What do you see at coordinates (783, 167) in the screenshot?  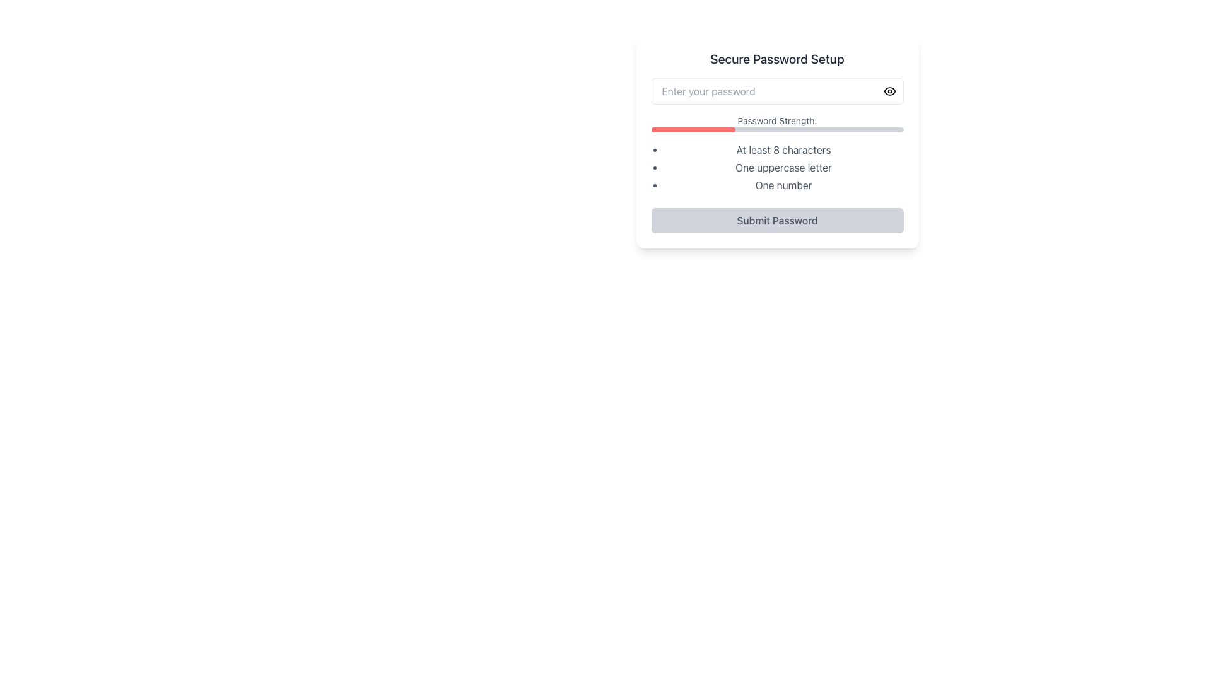 I see `text element displaying 'One uppercase letter' in gray color, which is part of the bulleted list under the 'Password Strength' section in the password setup form` at bounding box center [783, 167].